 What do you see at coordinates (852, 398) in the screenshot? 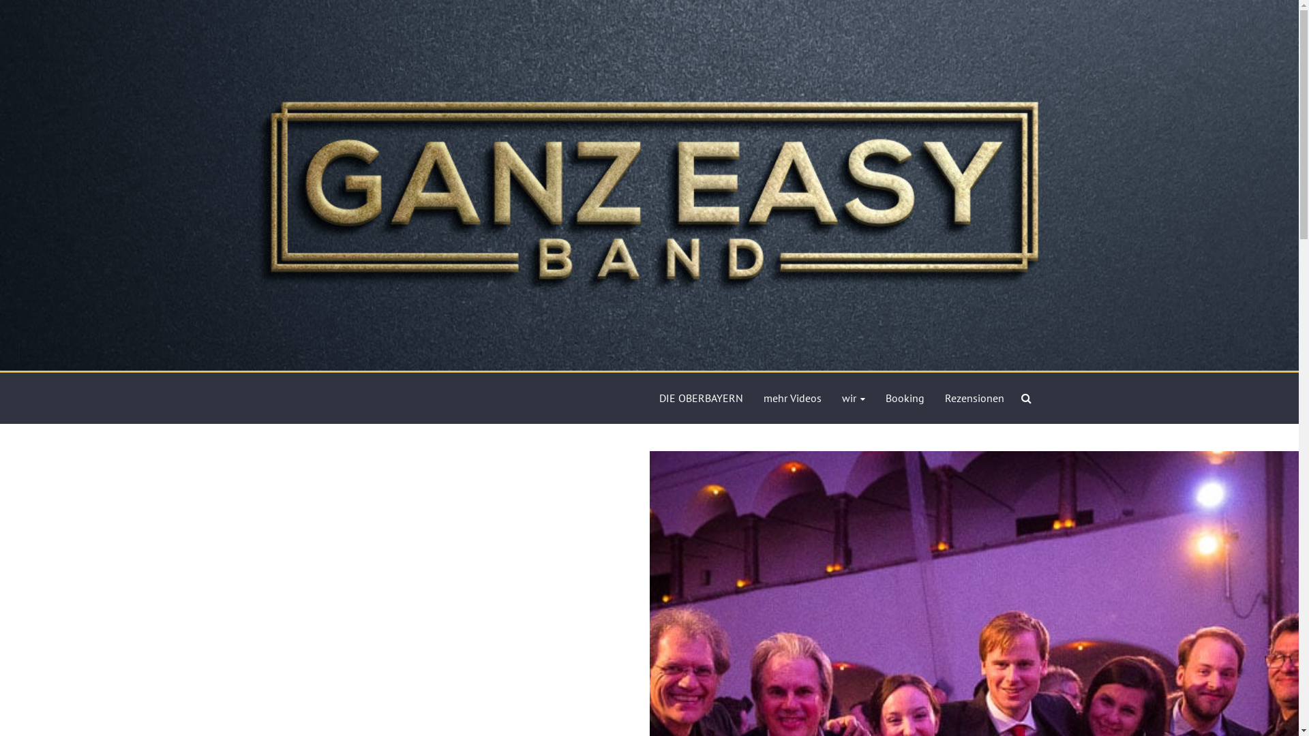
I see `'wir'` at bounding box center [852, 398].